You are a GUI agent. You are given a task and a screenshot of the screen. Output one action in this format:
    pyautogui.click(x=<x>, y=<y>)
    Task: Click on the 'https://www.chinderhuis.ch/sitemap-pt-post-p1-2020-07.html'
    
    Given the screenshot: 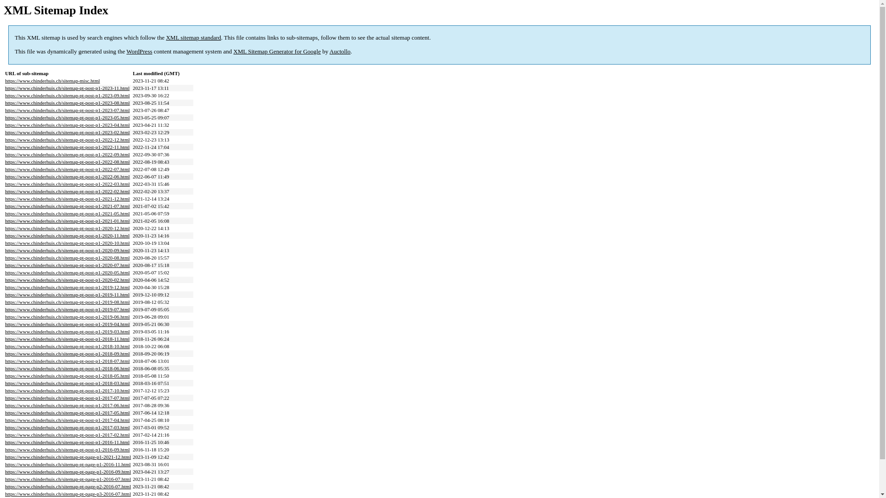 What is the action you would take?
    pyautogui.click(x=5, y=265)
    